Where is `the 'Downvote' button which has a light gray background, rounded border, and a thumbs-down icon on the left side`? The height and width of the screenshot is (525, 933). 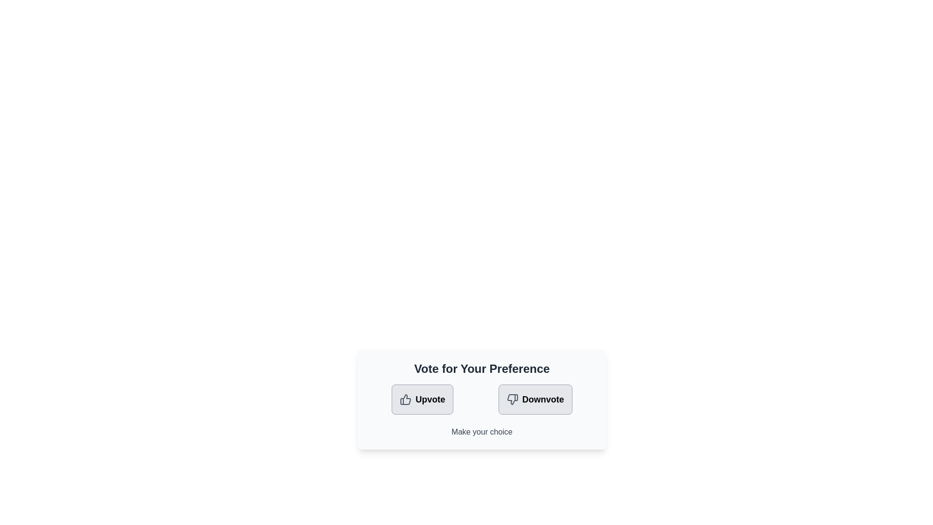 the 'Downvote' button which has a light gray background, rounded border, and a thumbs-down icon on the left side is located at coordinates (535, 399).